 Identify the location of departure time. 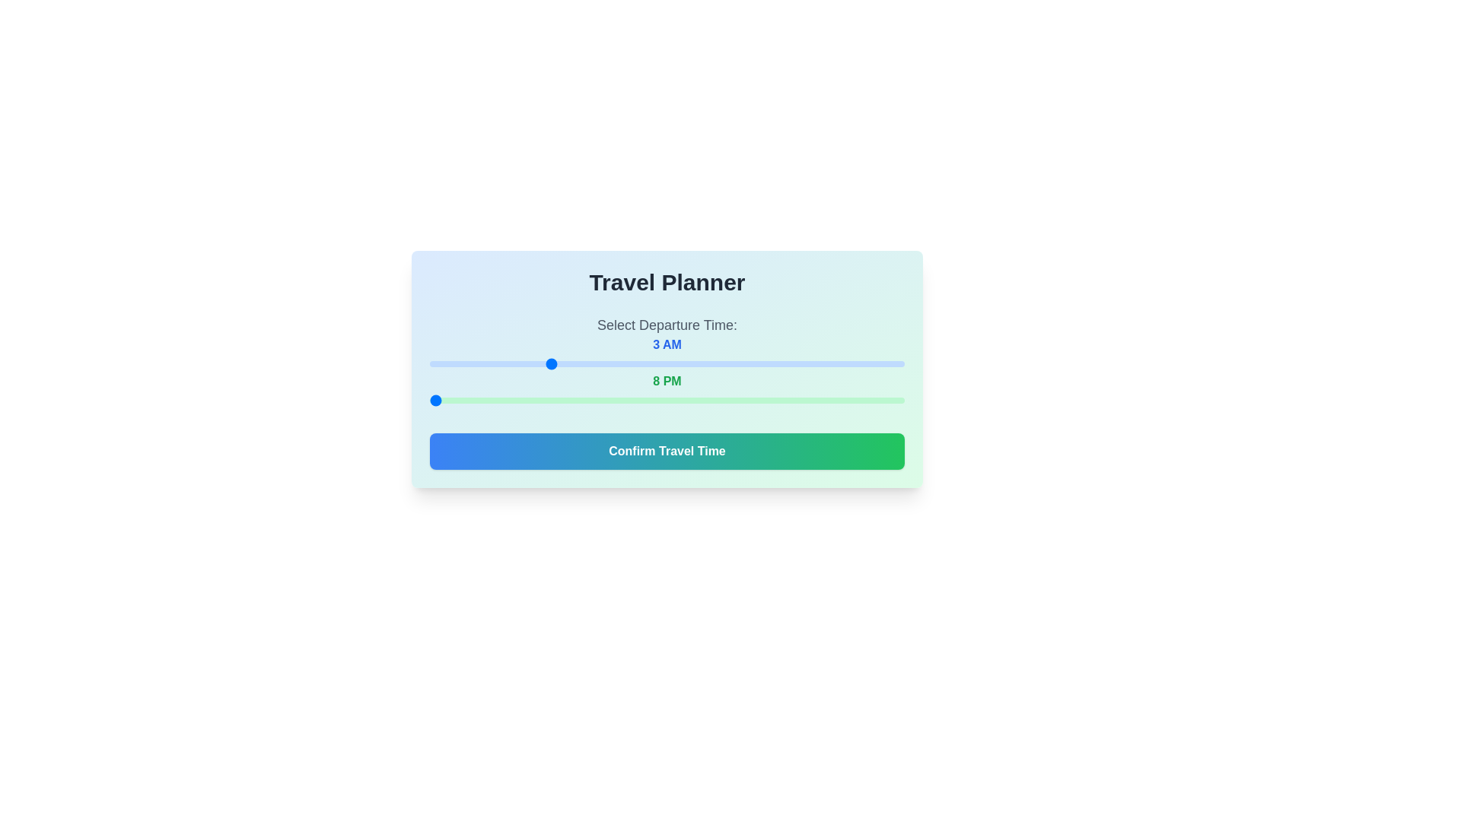
(746, 363).